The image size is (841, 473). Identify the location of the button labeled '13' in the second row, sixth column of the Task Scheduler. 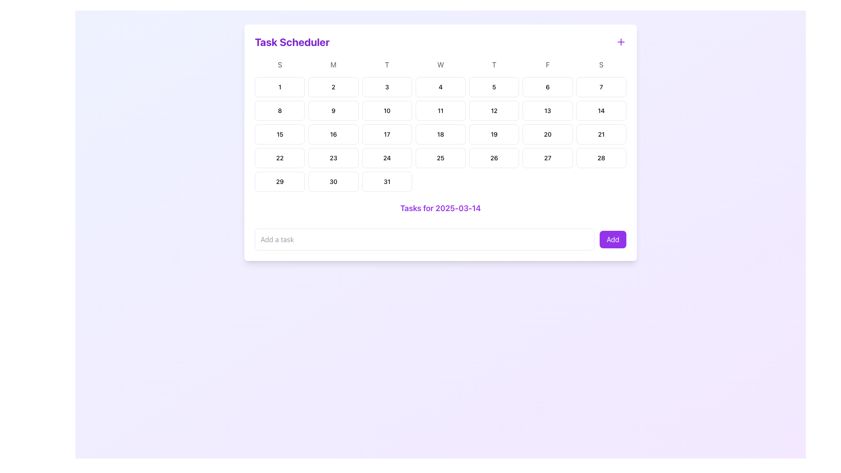
(547, 110).